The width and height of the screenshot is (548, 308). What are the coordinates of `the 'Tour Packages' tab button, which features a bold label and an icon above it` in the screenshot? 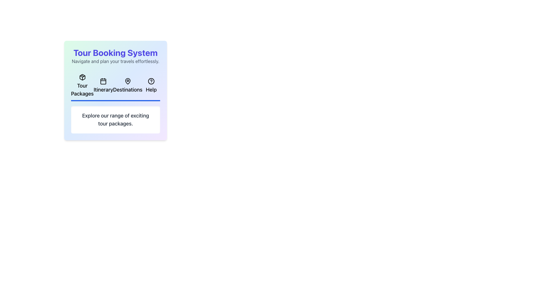 It's located at (82, 86).